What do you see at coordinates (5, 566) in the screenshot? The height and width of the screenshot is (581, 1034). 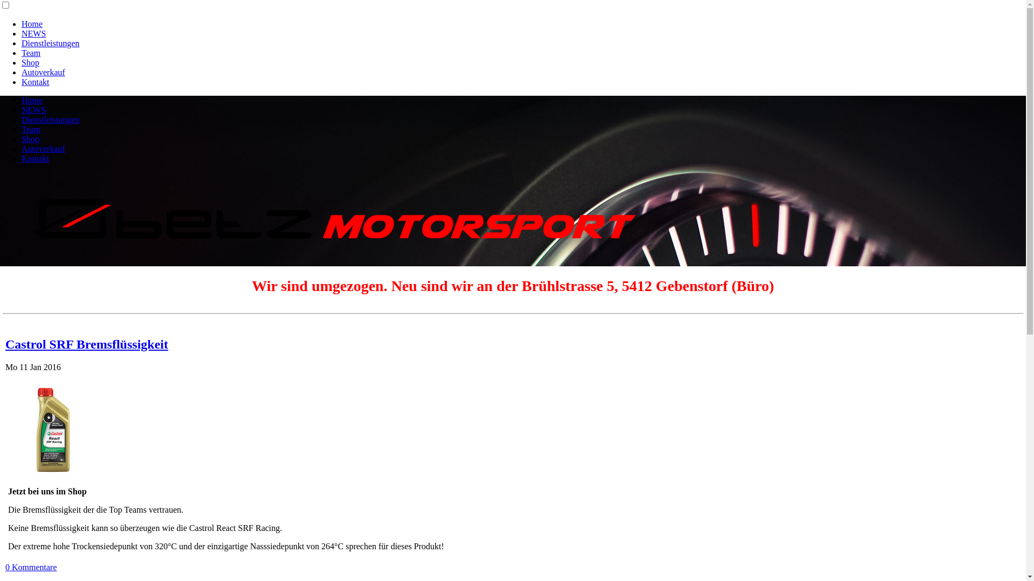 I see `'0 Kommentare'` at bounding box center [5, 566].